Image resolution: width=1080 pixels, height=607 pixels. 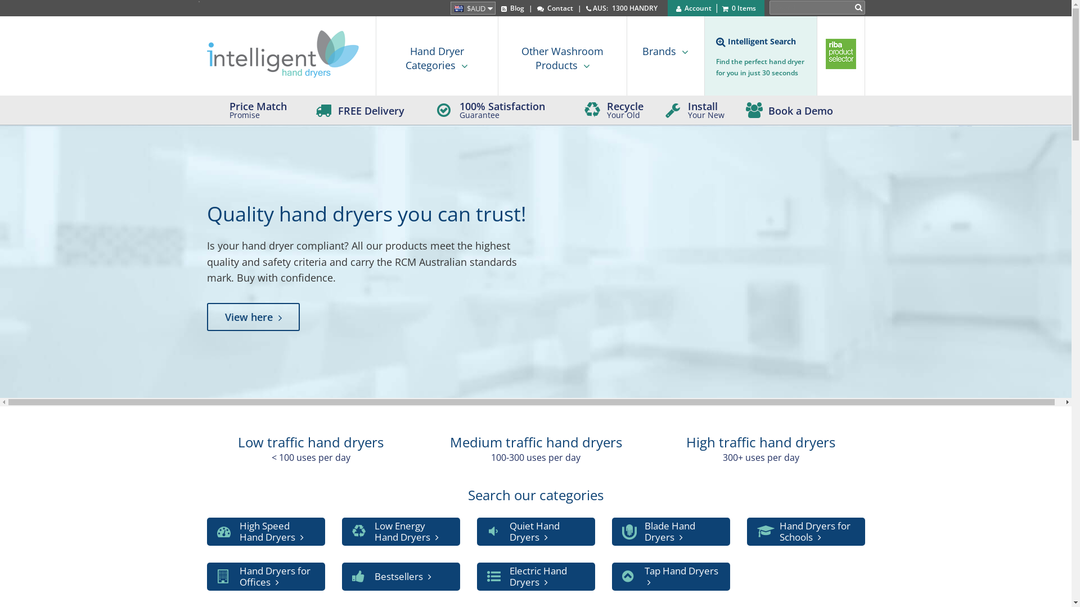 I want to click on '0 Items', so click(x=739, y=8).